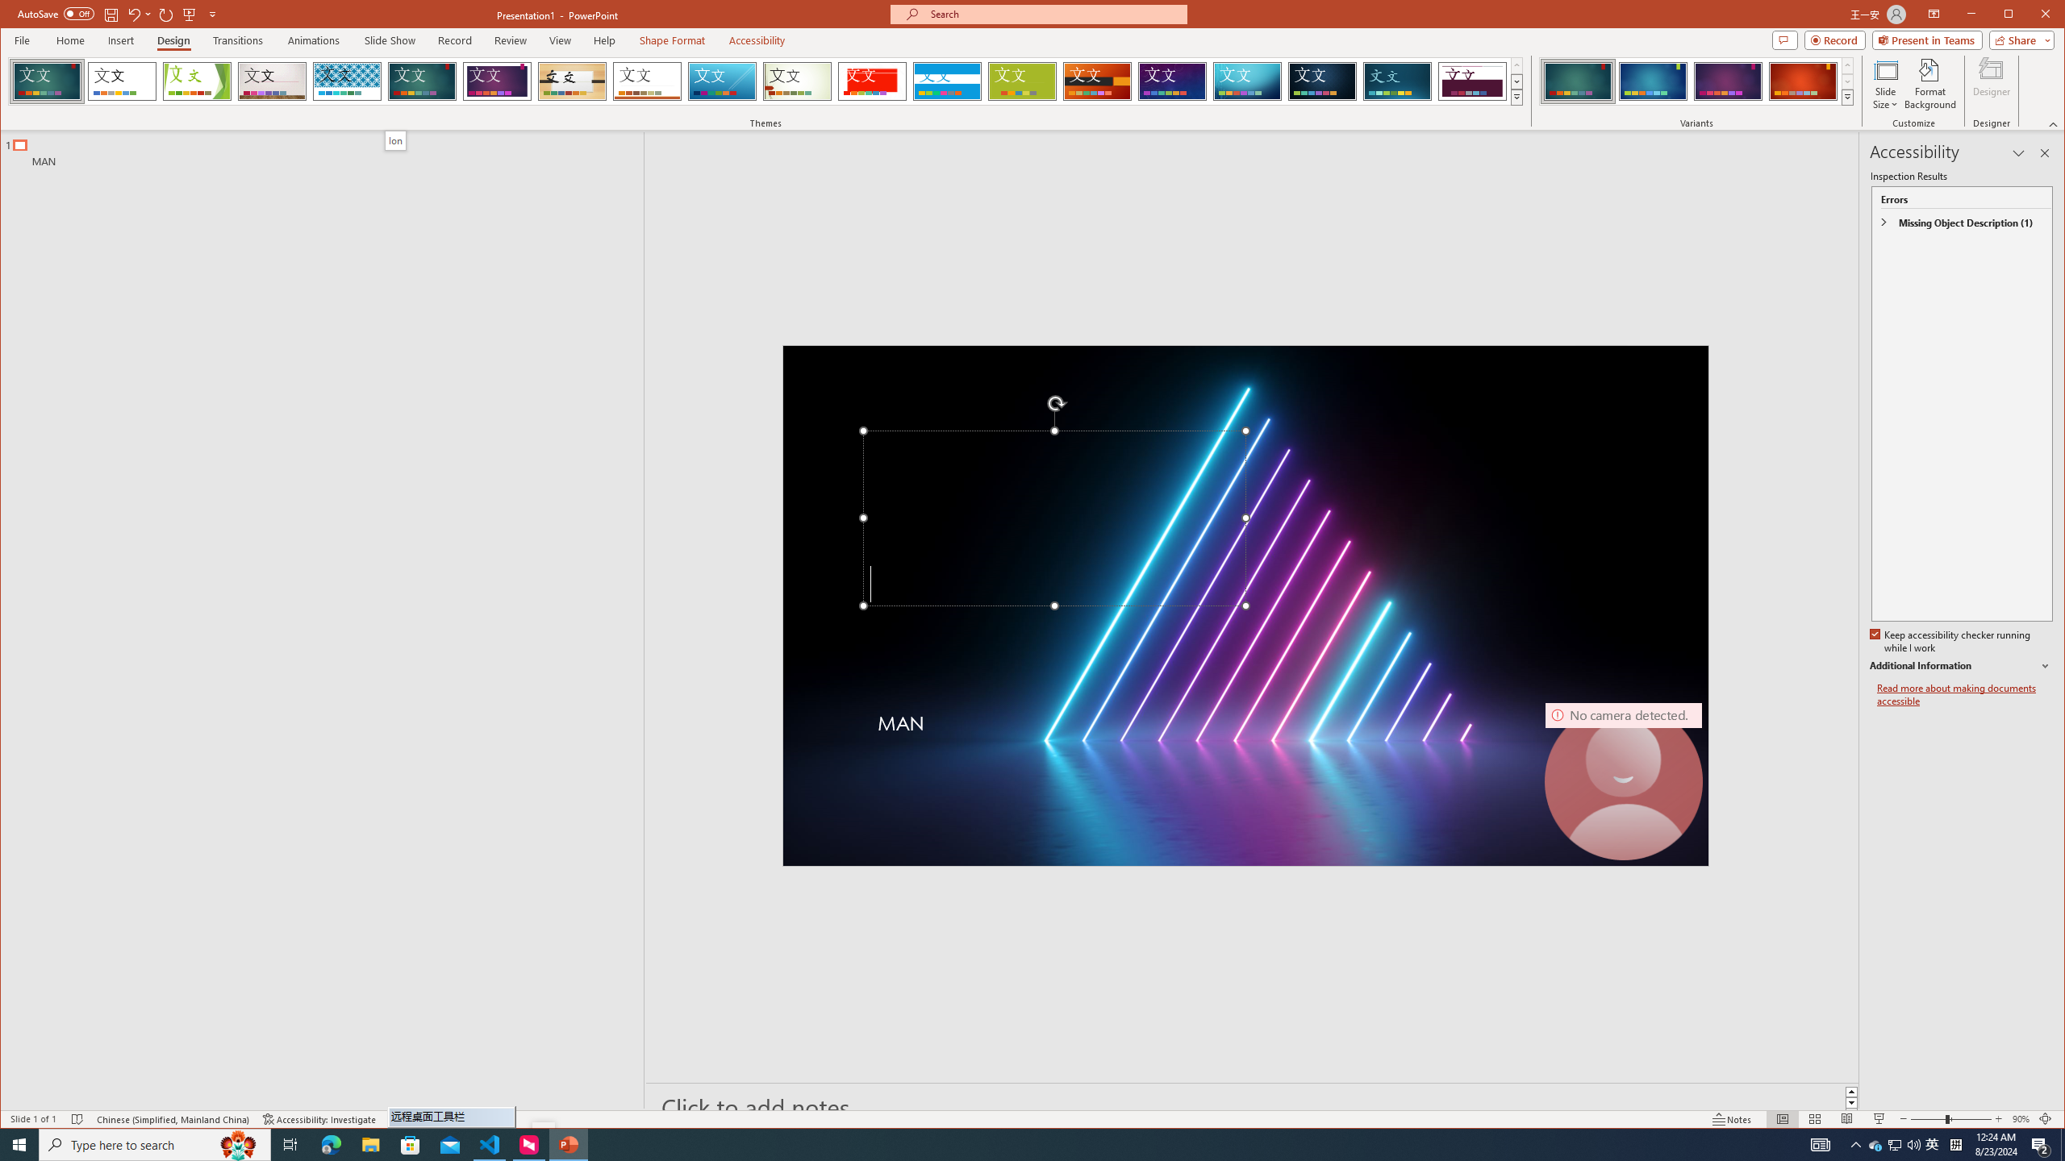  Describe the element at coordinates (1244, 605) in the screenshot. I see `'Neon laser lights aligned to form a triangle'` at that location.